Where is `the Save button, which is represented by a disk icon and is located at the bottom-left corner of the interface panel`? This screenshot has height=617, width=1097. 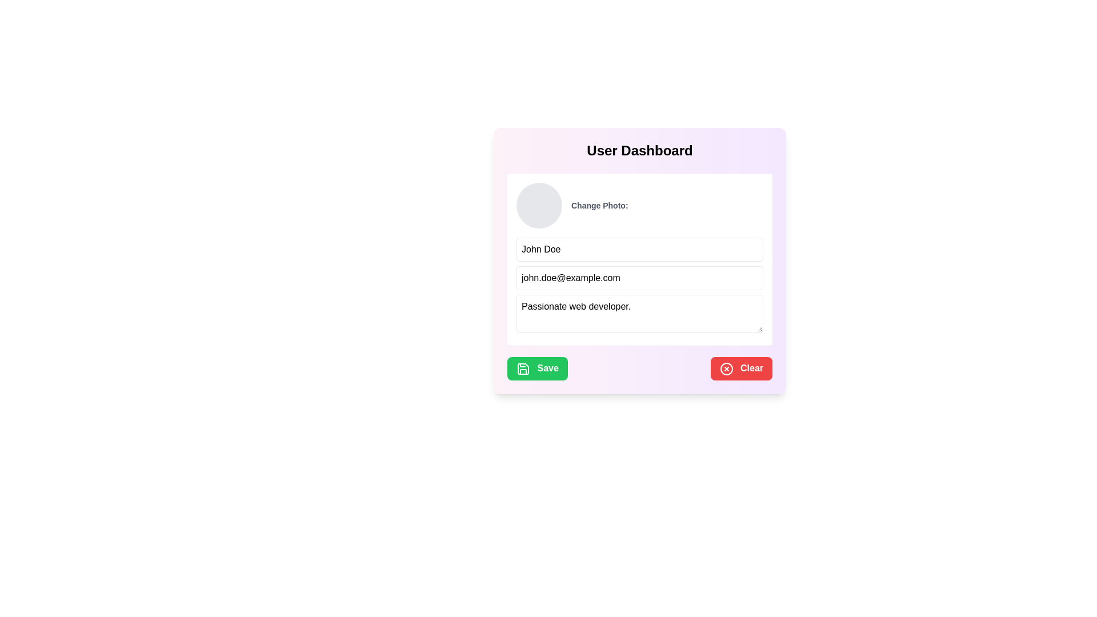
the Save button, which is represented by a disk icon and is located at the bottom-left corner of the interface panel is located at coordinates (523, 368).